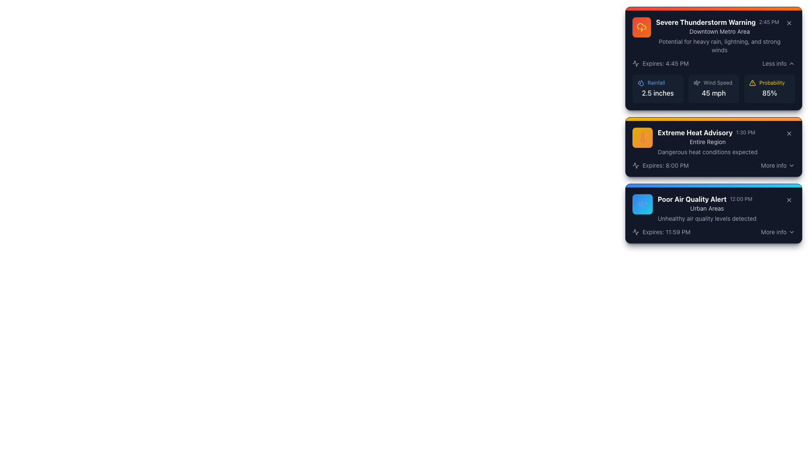 This screenshot has height=455, width=809. I want to click on the text label that describes the probability percentage in the Severe Thunderstorm Warning box, located in the top-right section near the '85%' value, so click(772, 83).